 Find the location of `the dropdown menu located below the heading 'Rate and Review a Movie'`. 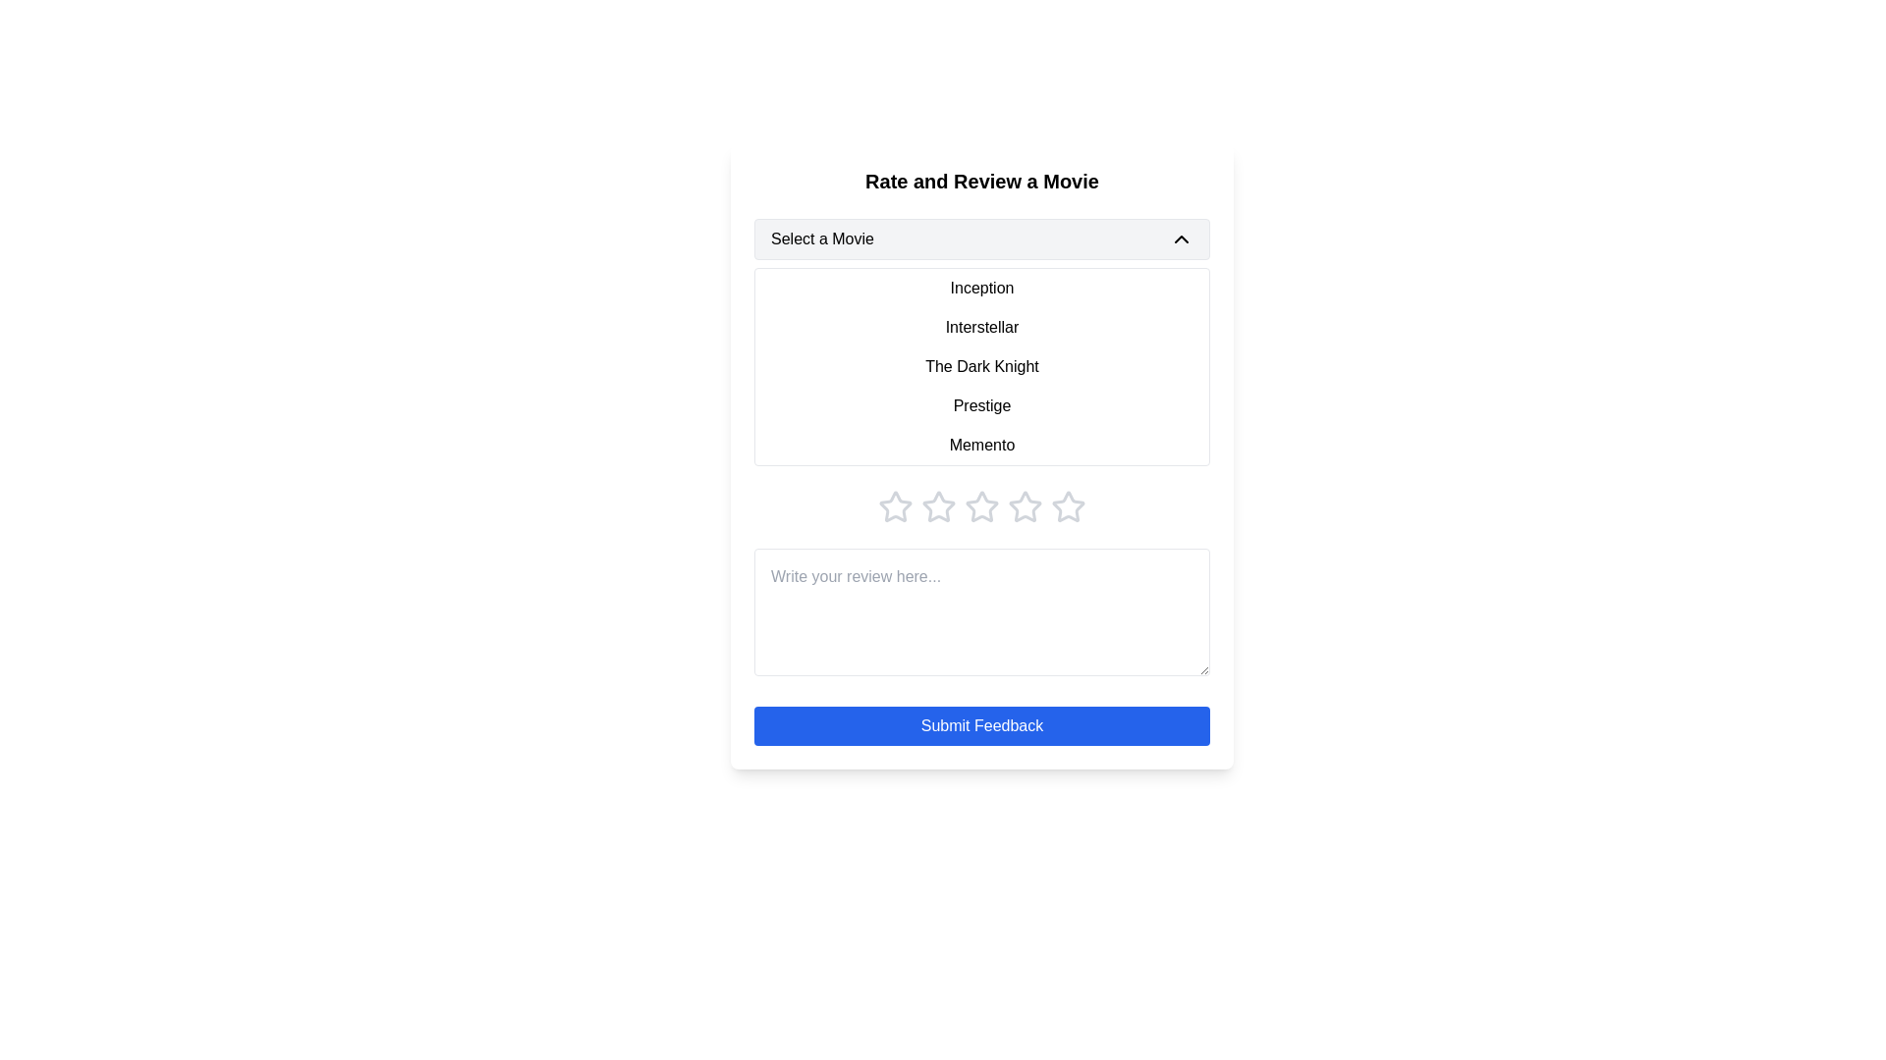

the dropdown menu located below the heading 'Rate and Review a Movie' is located at coordinates (981, 341).